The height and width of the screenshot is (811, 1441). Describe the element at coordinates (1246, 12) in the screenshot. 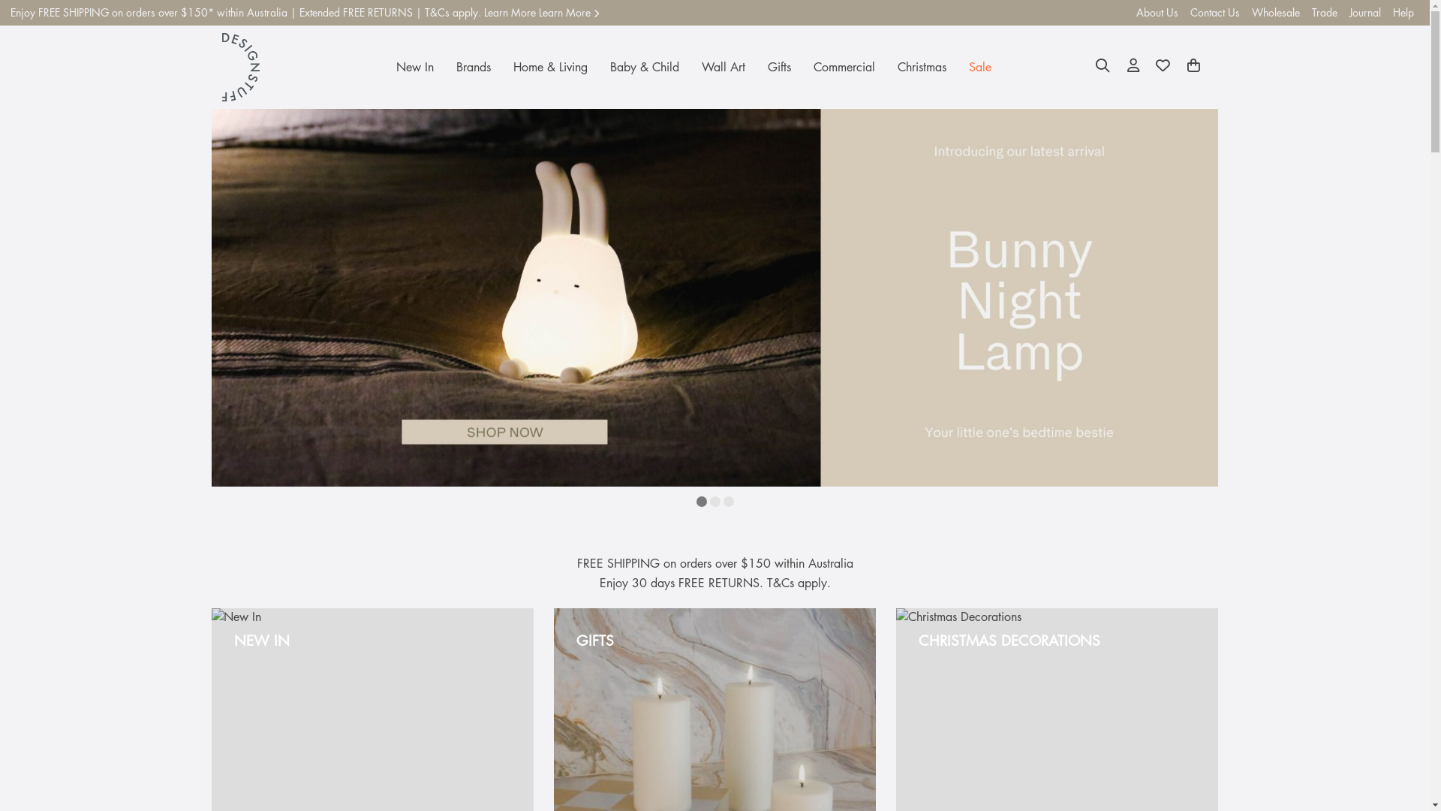

I see `'Wholesale'` at that location.